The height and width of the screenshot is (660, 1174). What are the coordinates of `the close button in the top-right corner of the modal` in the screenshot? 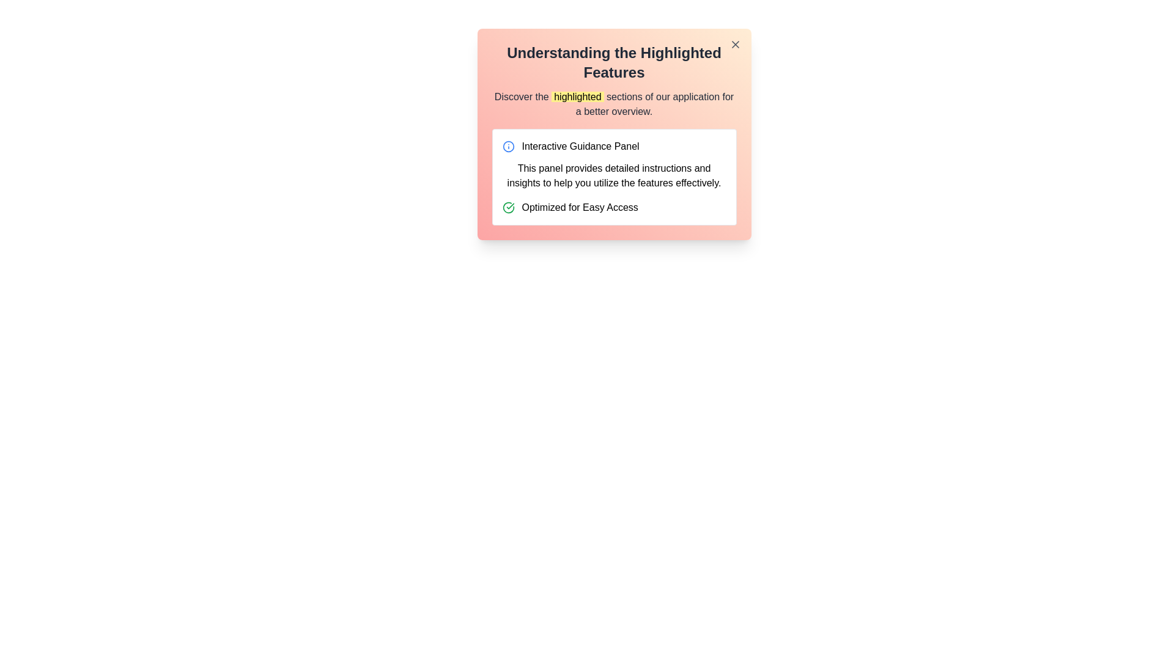 It's located at (734, 44).